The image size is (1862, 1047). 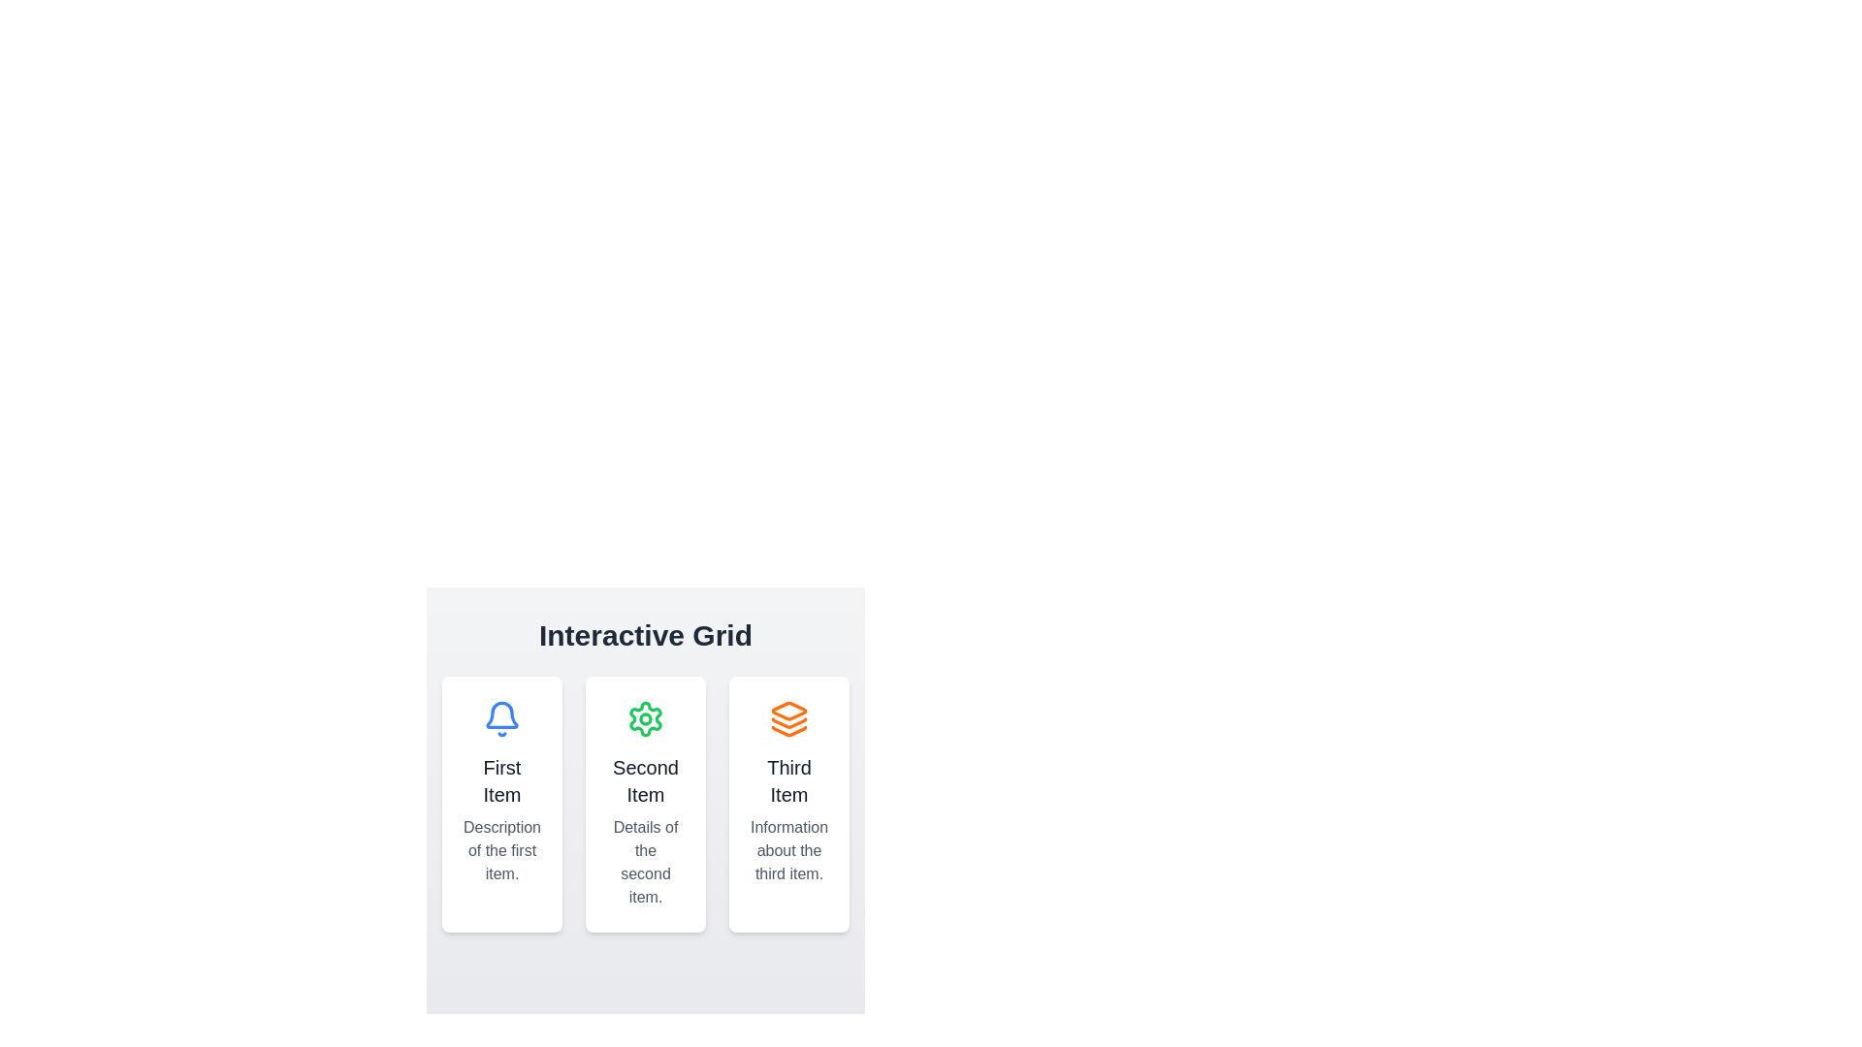 I want to click on the text label 'Third Item' which is centrally aligned and bold within the third card of a horizontally arranged grid, so click(x=789, y=780).